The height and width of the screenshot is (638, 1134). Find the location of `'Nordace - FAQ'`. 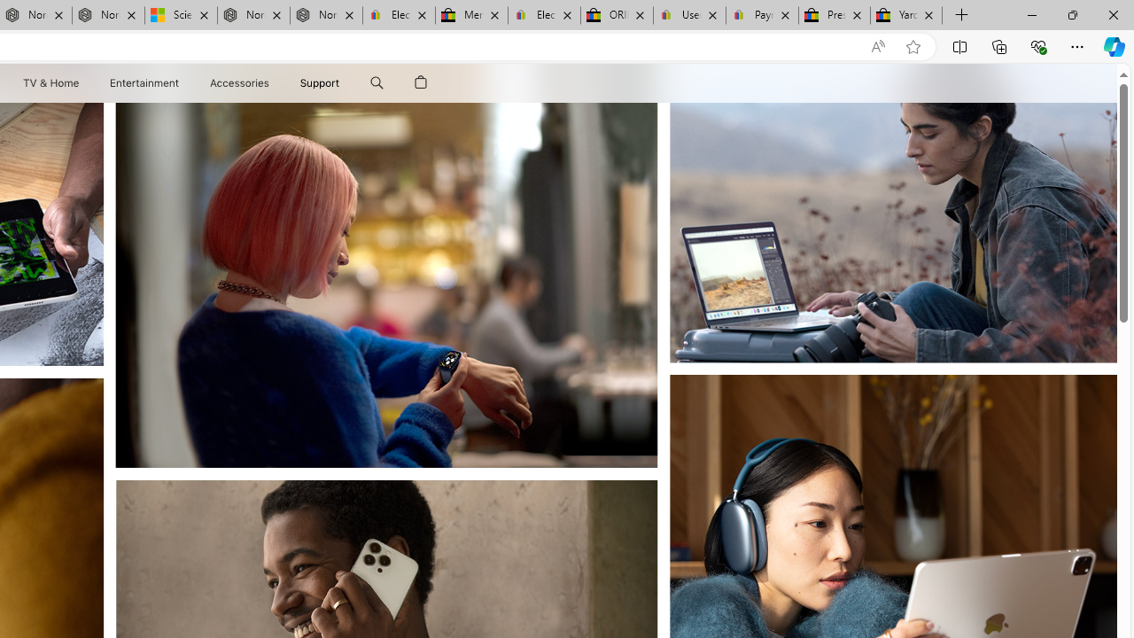

'Nordace - FAQ' is located at coordinates (326, 15).